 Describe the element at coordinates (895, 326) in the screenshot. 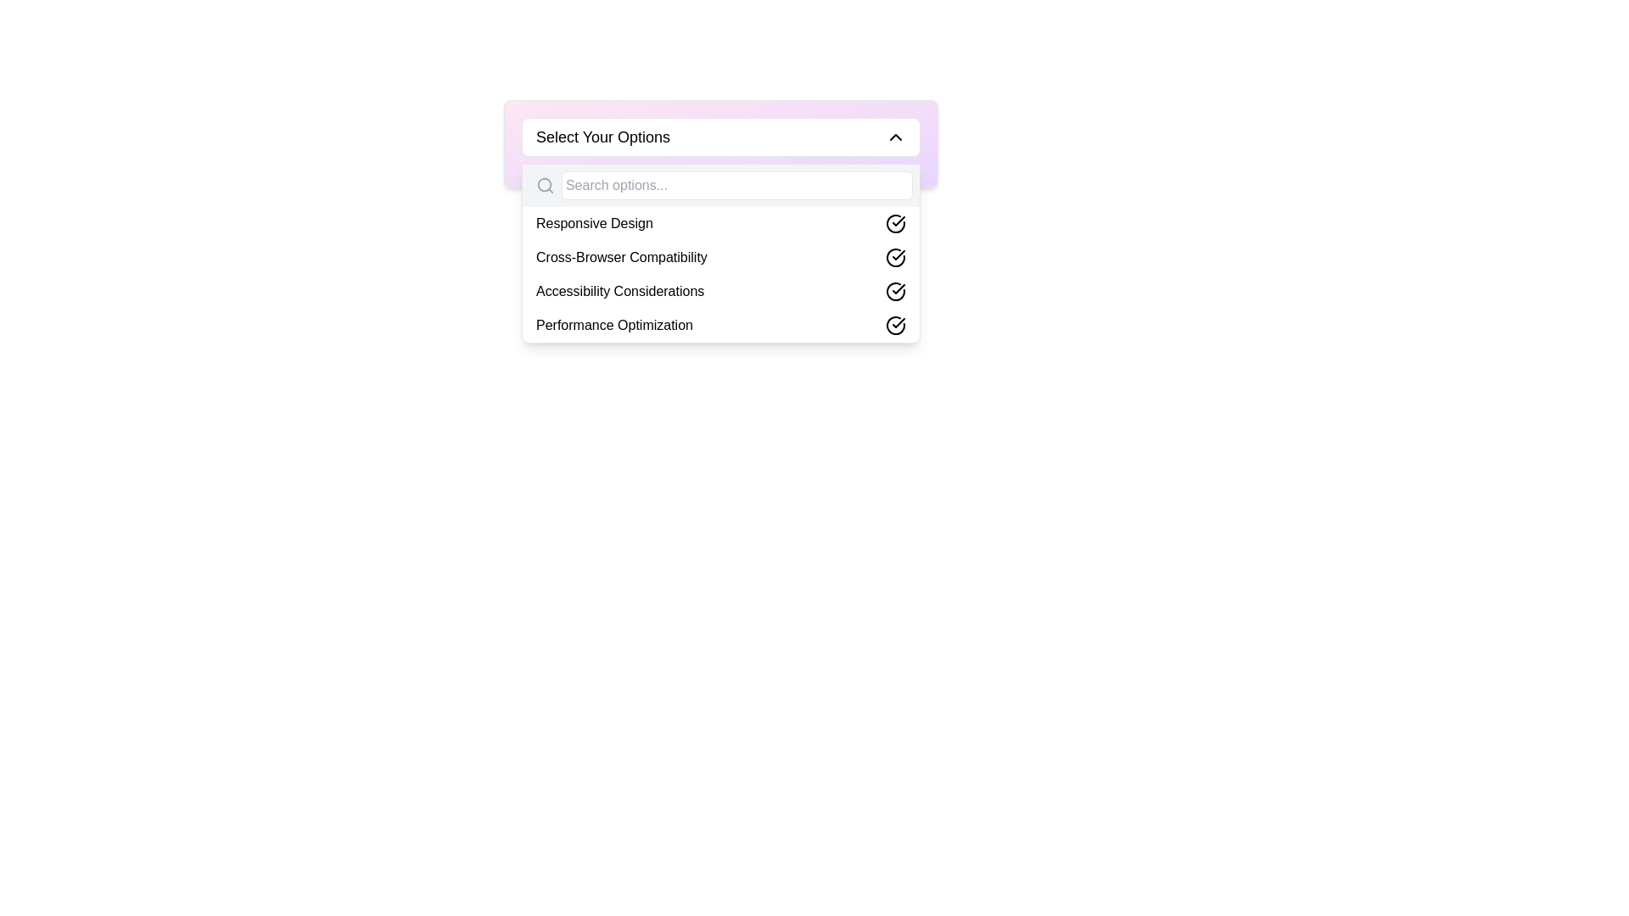

I see `the circular icon indicating the 'Performance Optimization' option, which confirms its selection status` at that location.